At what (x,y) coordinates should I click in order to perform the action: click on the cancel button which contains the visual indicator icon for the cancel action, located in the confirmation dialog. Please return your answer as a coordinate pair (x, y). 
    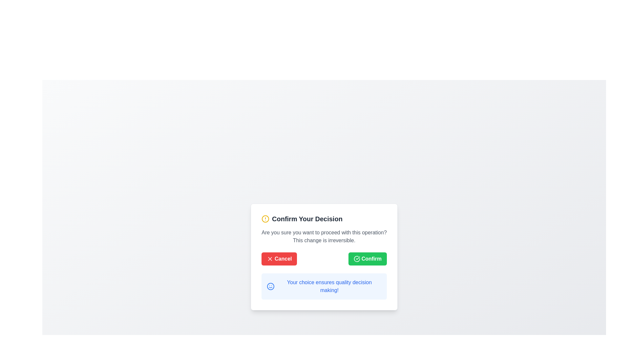
    Looking at the image, I should click on (270, 259).